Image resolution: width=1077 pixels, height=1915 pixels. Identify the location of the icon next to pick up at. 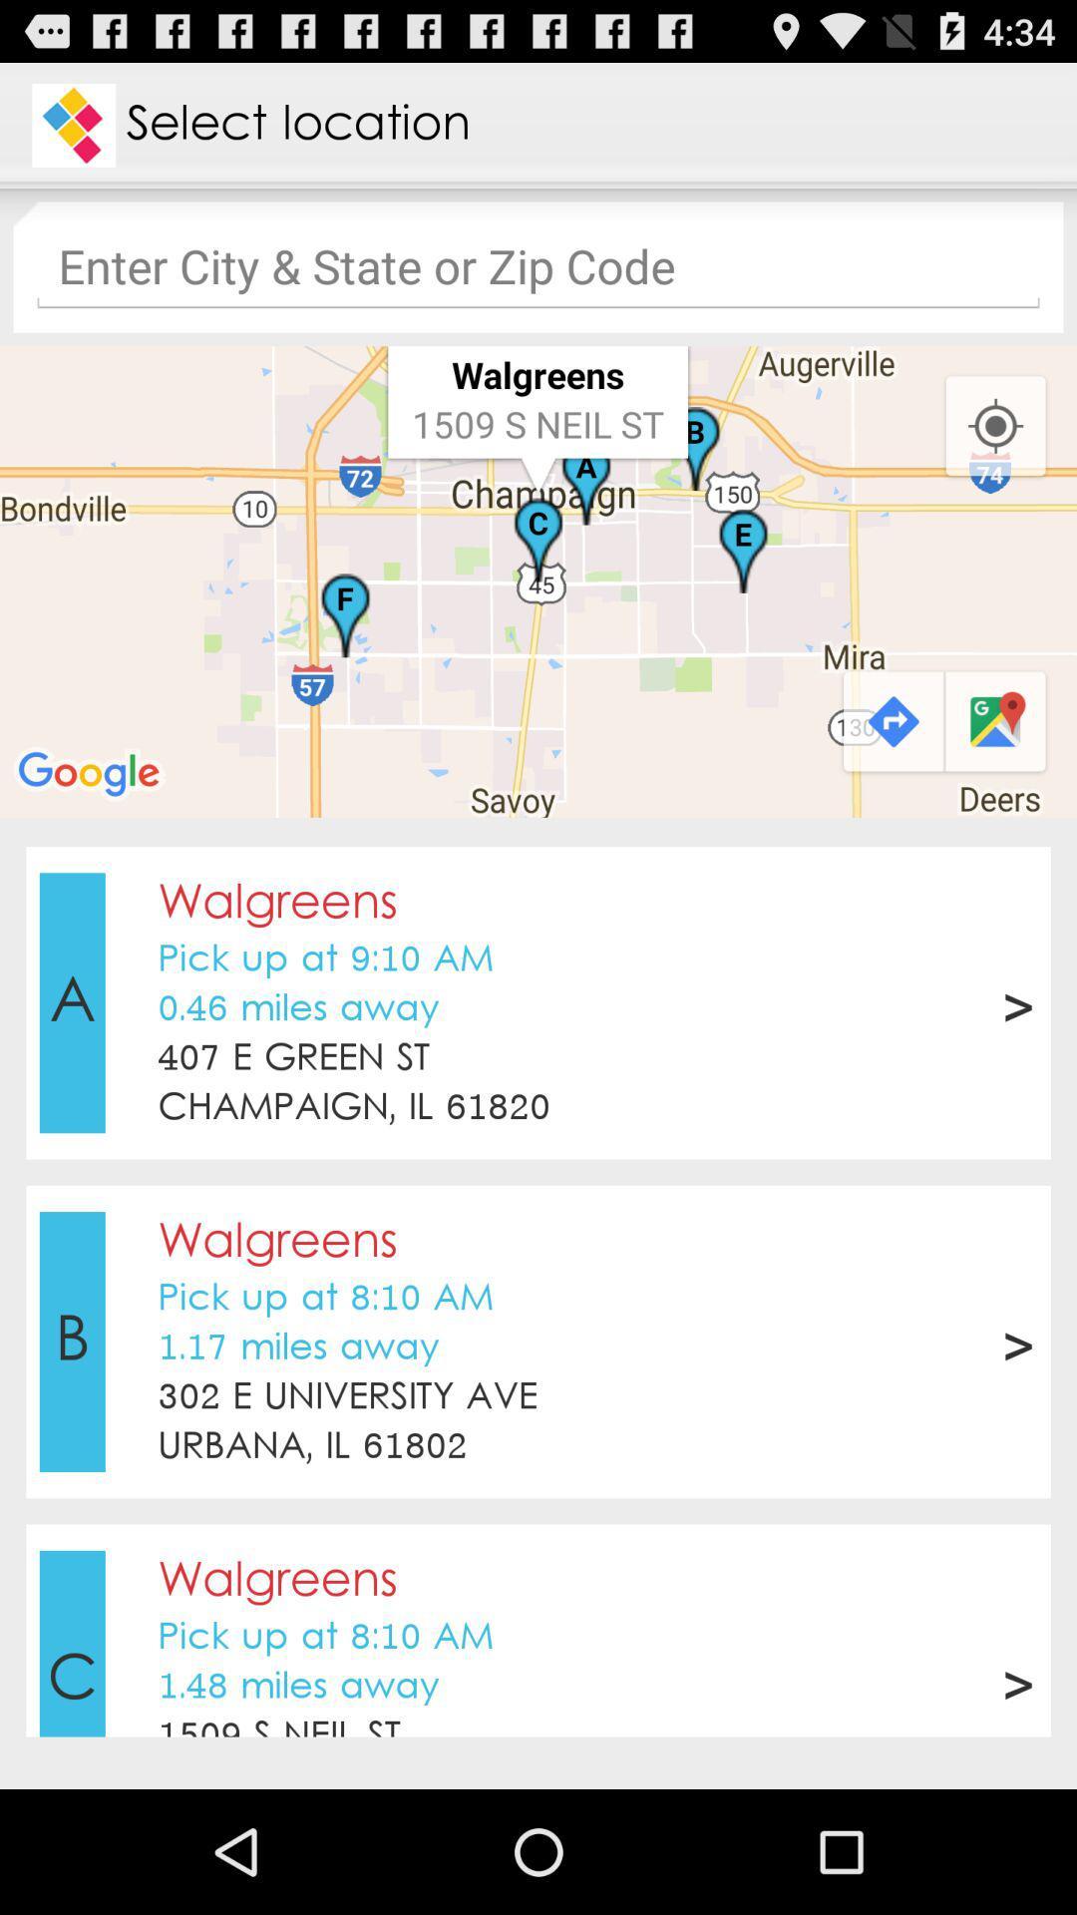
(71, 1002).